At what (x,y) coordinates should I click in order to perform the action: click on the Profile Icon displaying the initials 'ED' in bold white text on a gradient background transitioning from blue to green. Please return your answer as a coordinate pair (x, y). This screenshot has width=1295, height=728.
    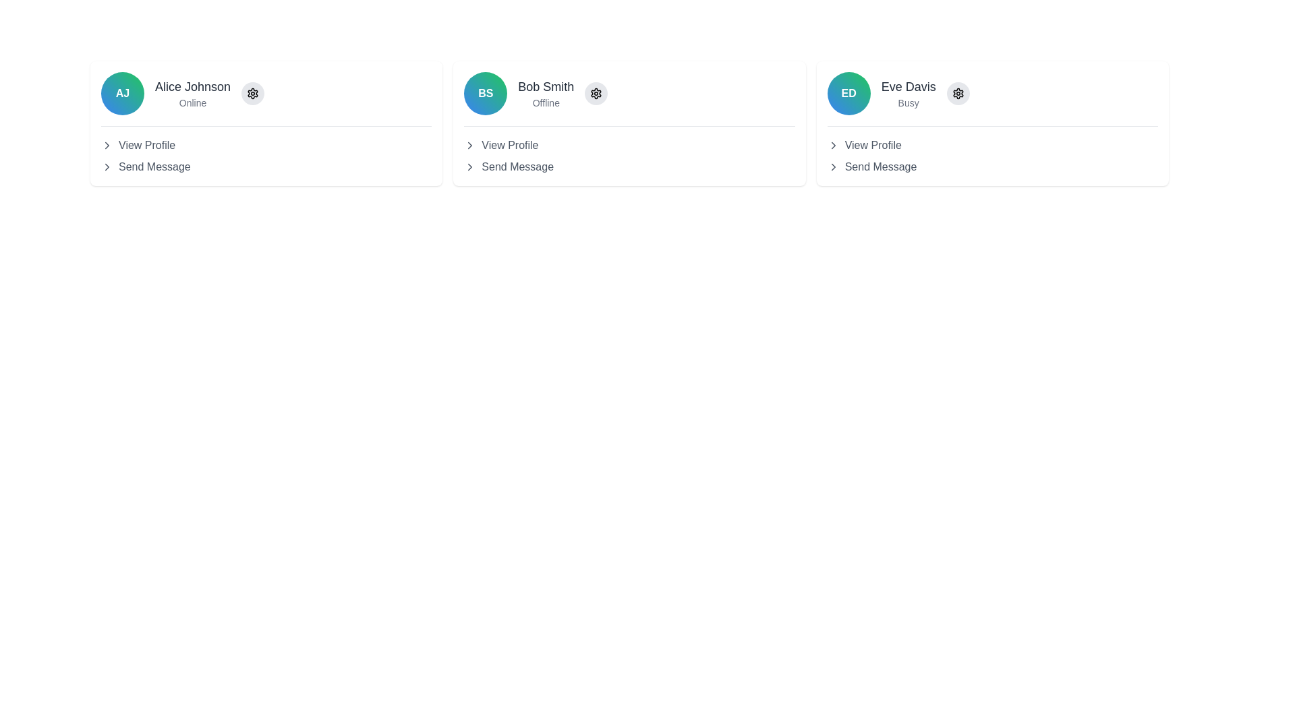
    Looking at the image, I should click on (848, 92).